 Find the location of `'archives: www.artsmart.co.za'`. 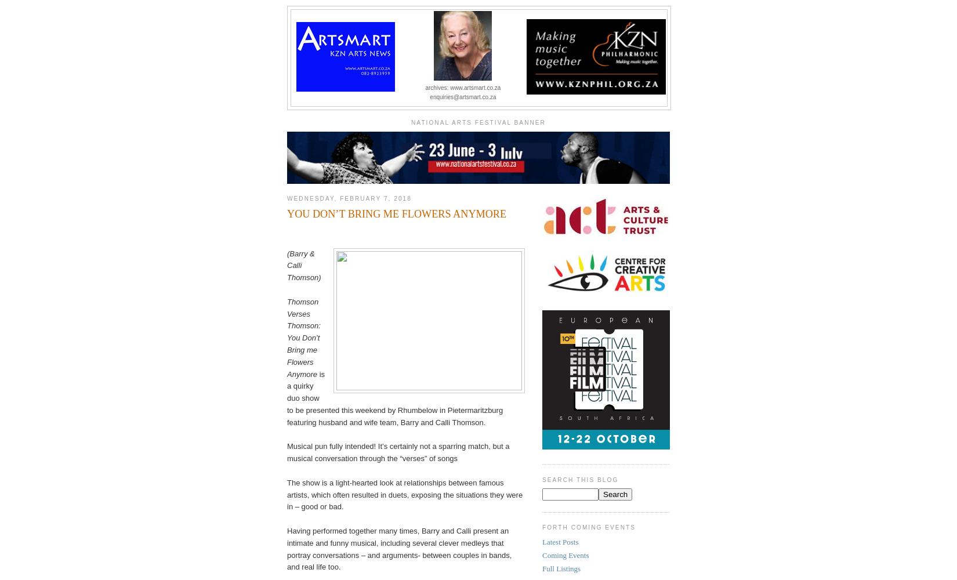

'archives: www.artsmart.co.za' is located at coordinates (462, 88).